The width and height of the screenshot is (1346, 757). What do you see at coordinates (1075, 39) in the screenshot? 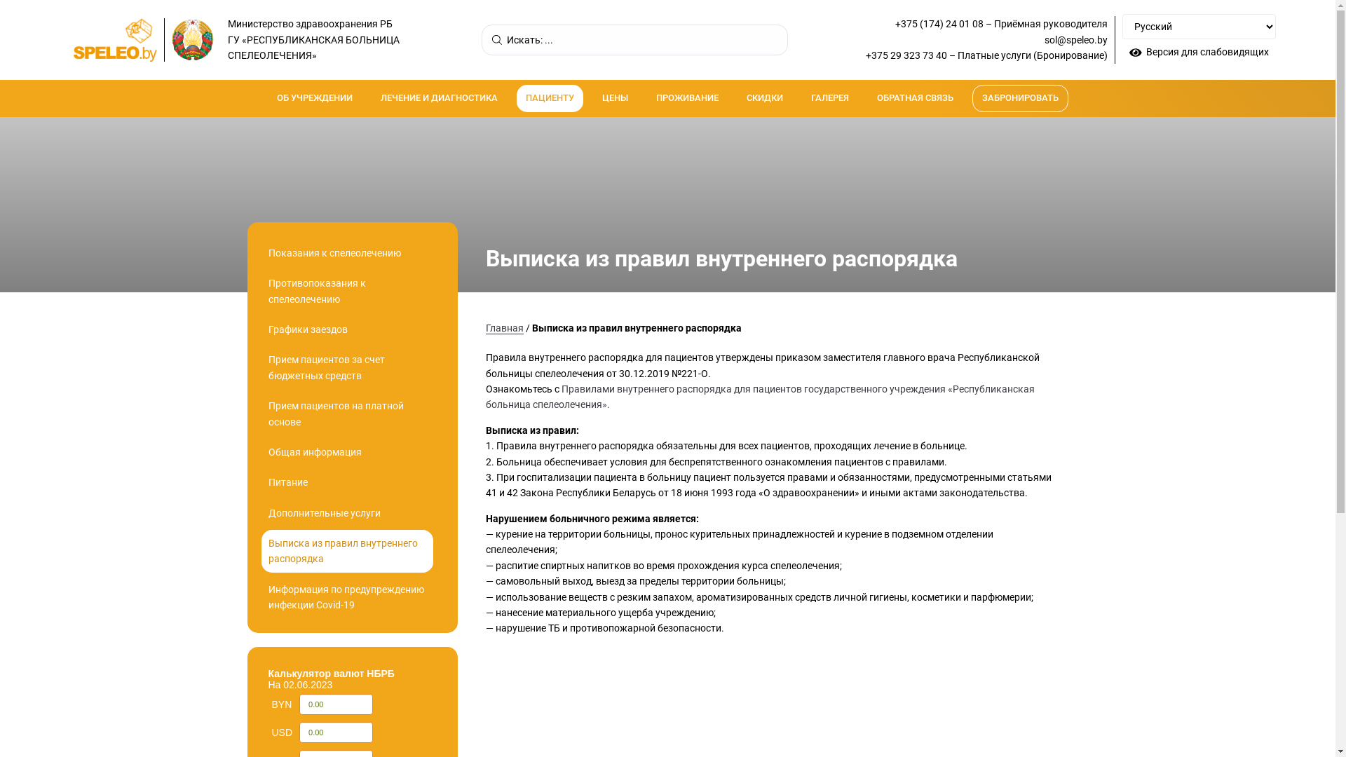
I see `'sol@speleo.by'` at bounding box center [1075, 39].